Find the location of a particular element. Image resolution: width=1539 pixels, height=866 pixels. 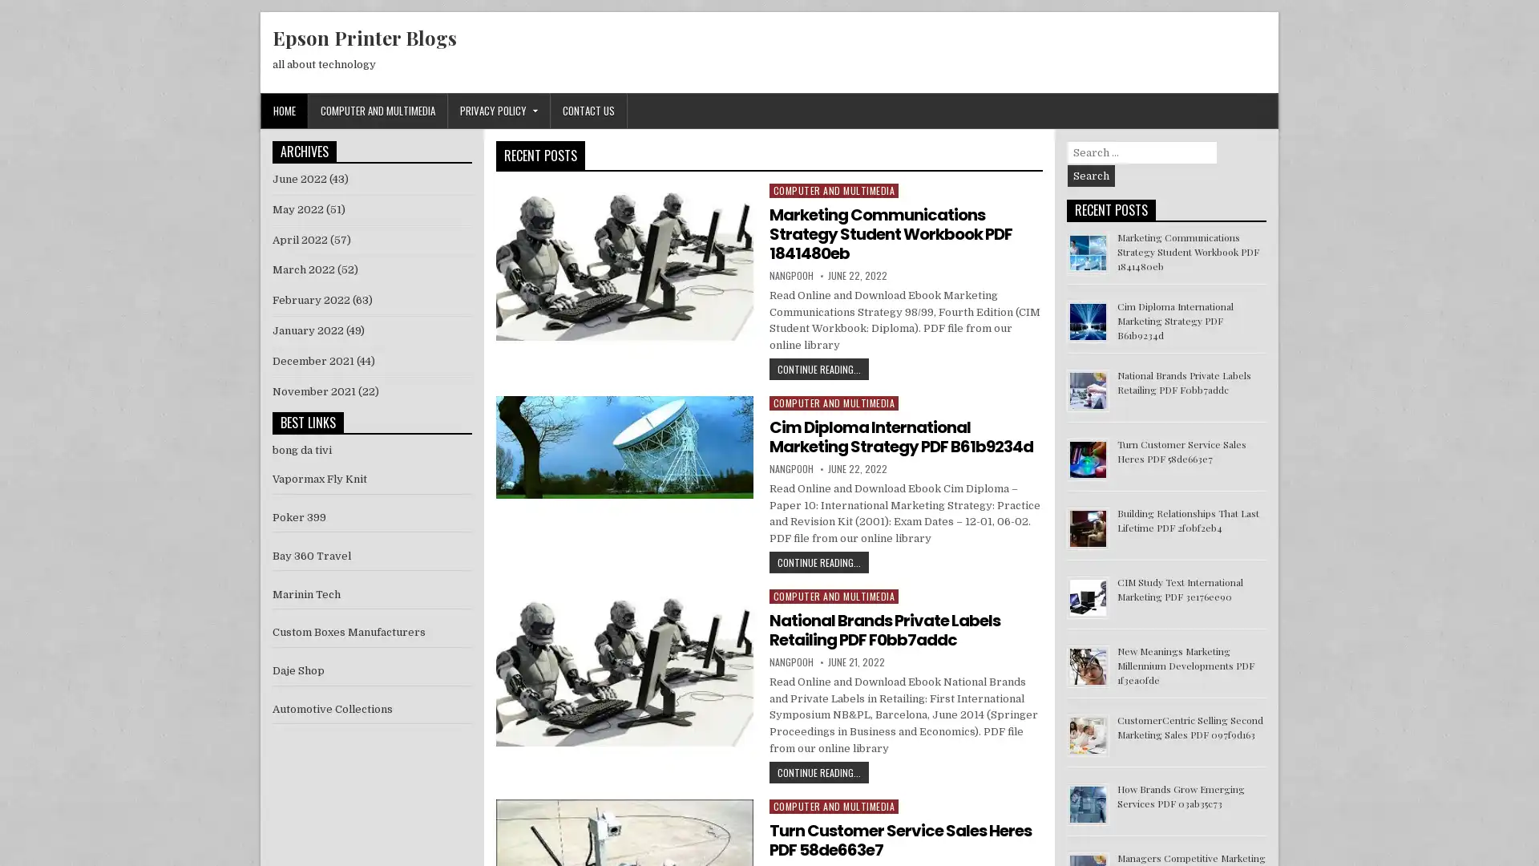

Search is located at coordinates (1090, 176).